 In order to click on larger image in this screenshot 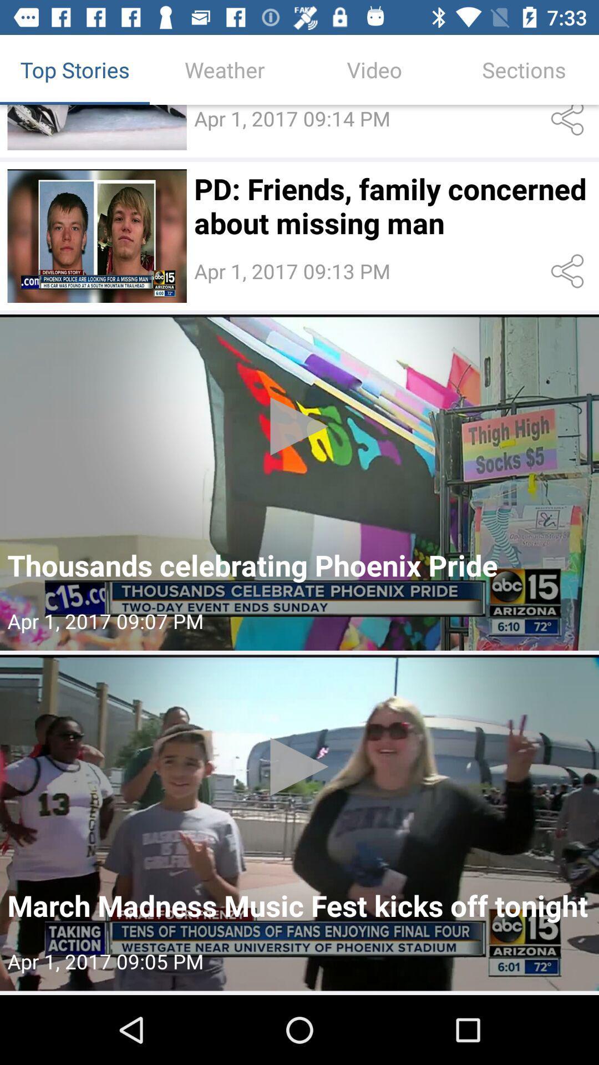, I will do `click(97, 127)`.